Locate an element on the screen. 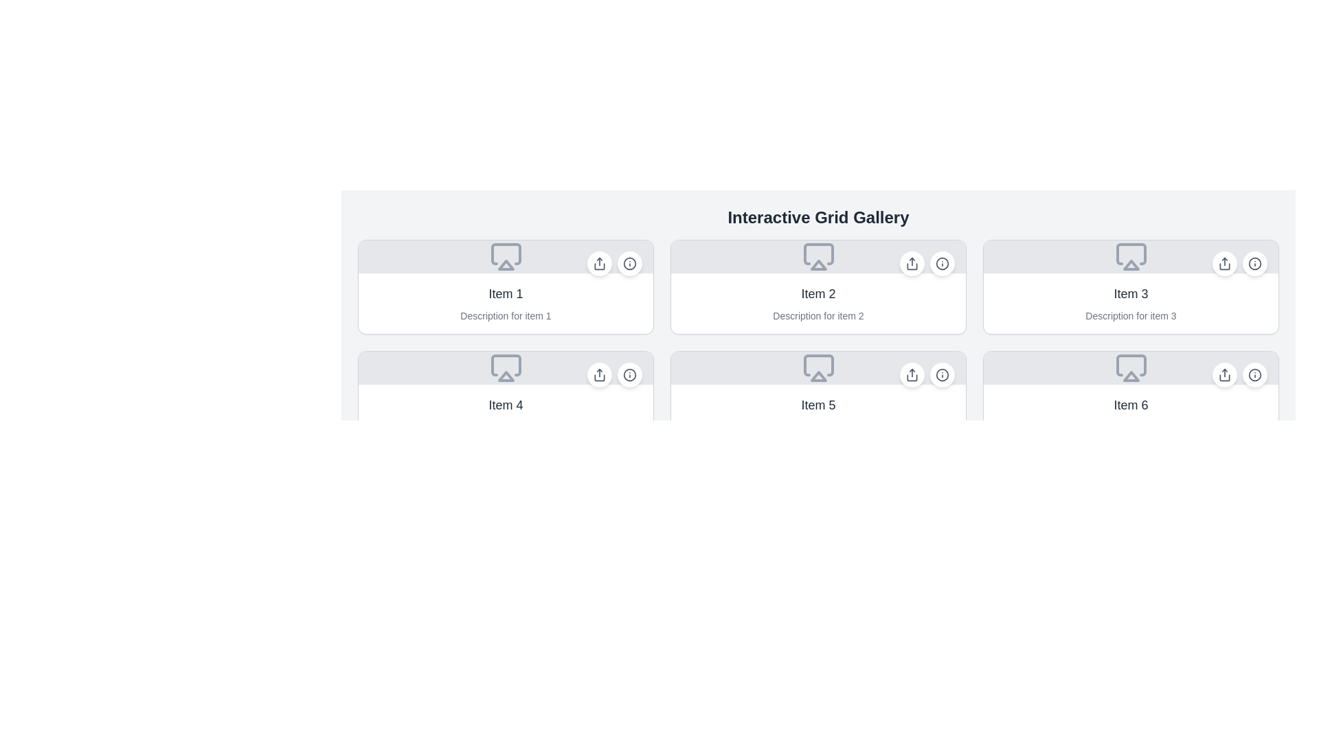 The height and width of the screenshot is (742, 1319). the circular button with a white background and upward arrow icon in the top-right corner of the third item section to share content is located at coordinates (1224, 264).